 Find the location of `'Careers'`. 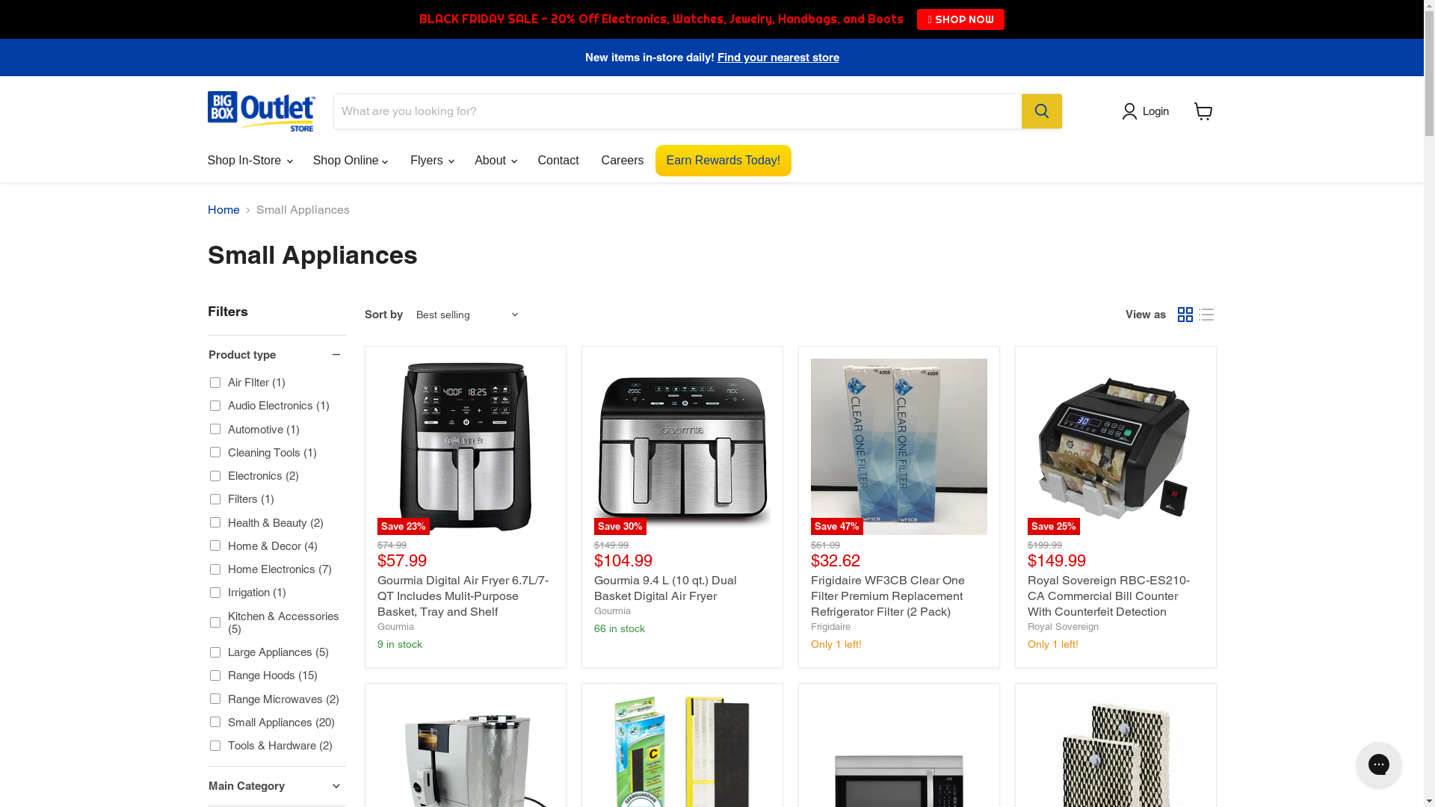

'Careers' is located at coordinates (623, 161).